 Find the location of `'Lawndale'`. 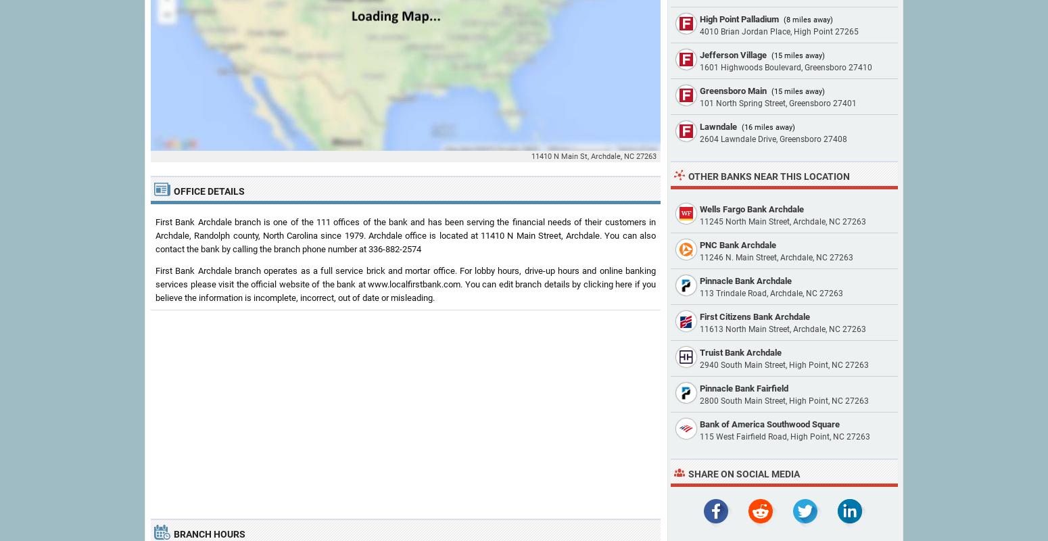

'Lawndale' is located at coordinates (718, 126).